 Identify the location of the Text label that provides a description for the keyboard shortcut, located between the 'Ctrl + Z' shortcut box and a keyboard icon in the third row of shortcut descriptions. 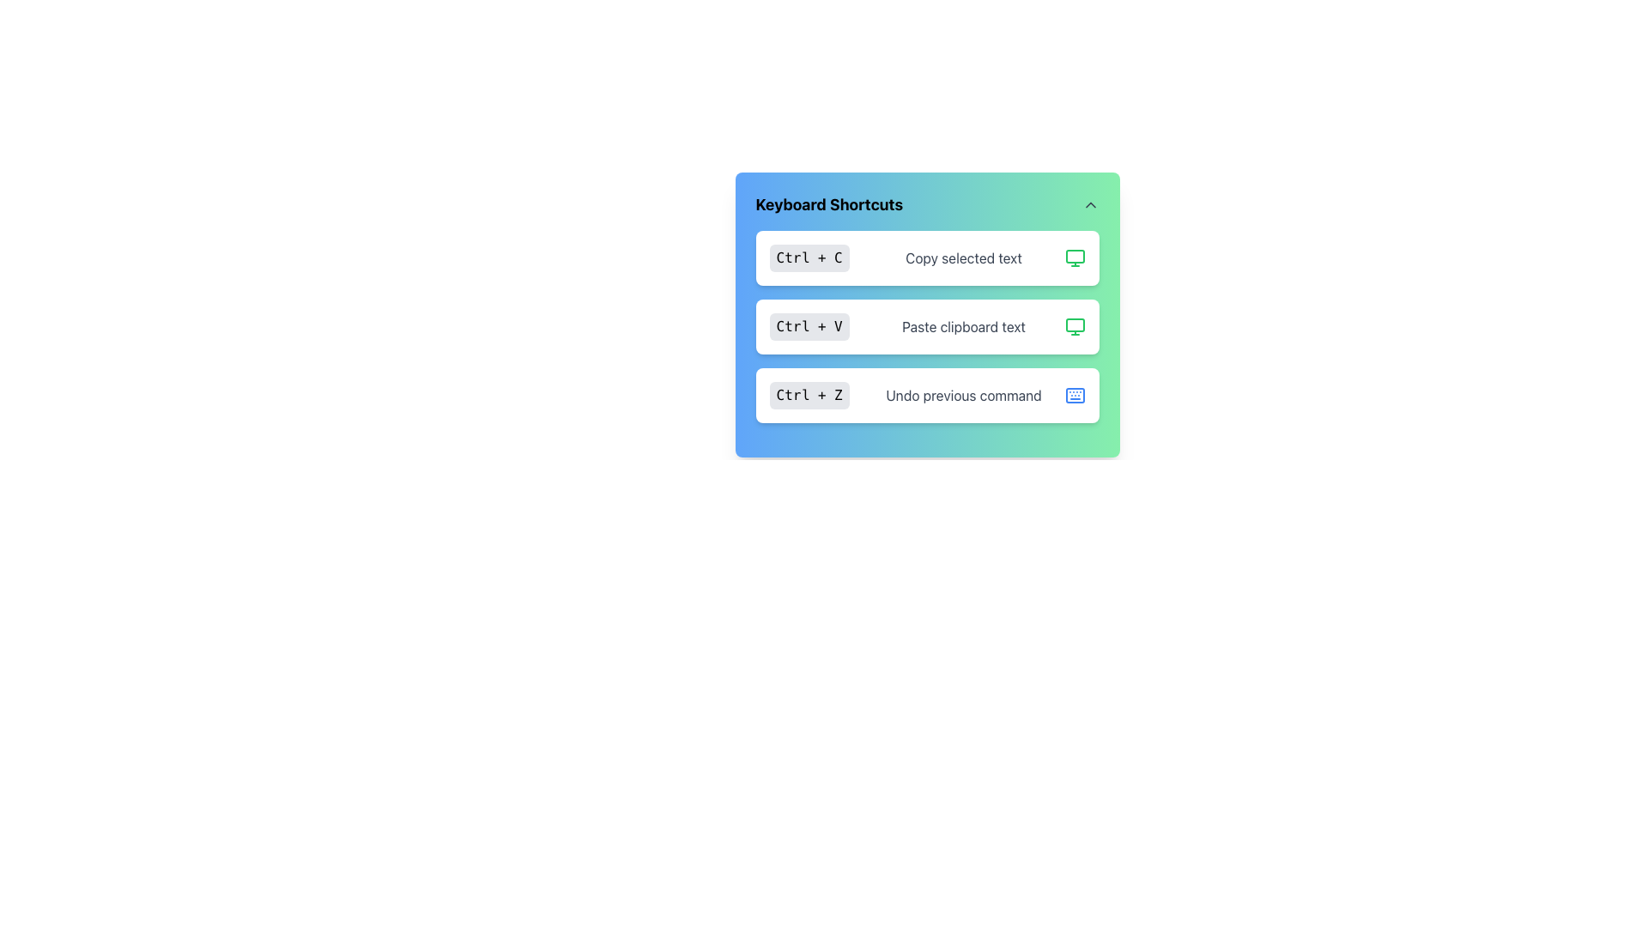
(964, 396).